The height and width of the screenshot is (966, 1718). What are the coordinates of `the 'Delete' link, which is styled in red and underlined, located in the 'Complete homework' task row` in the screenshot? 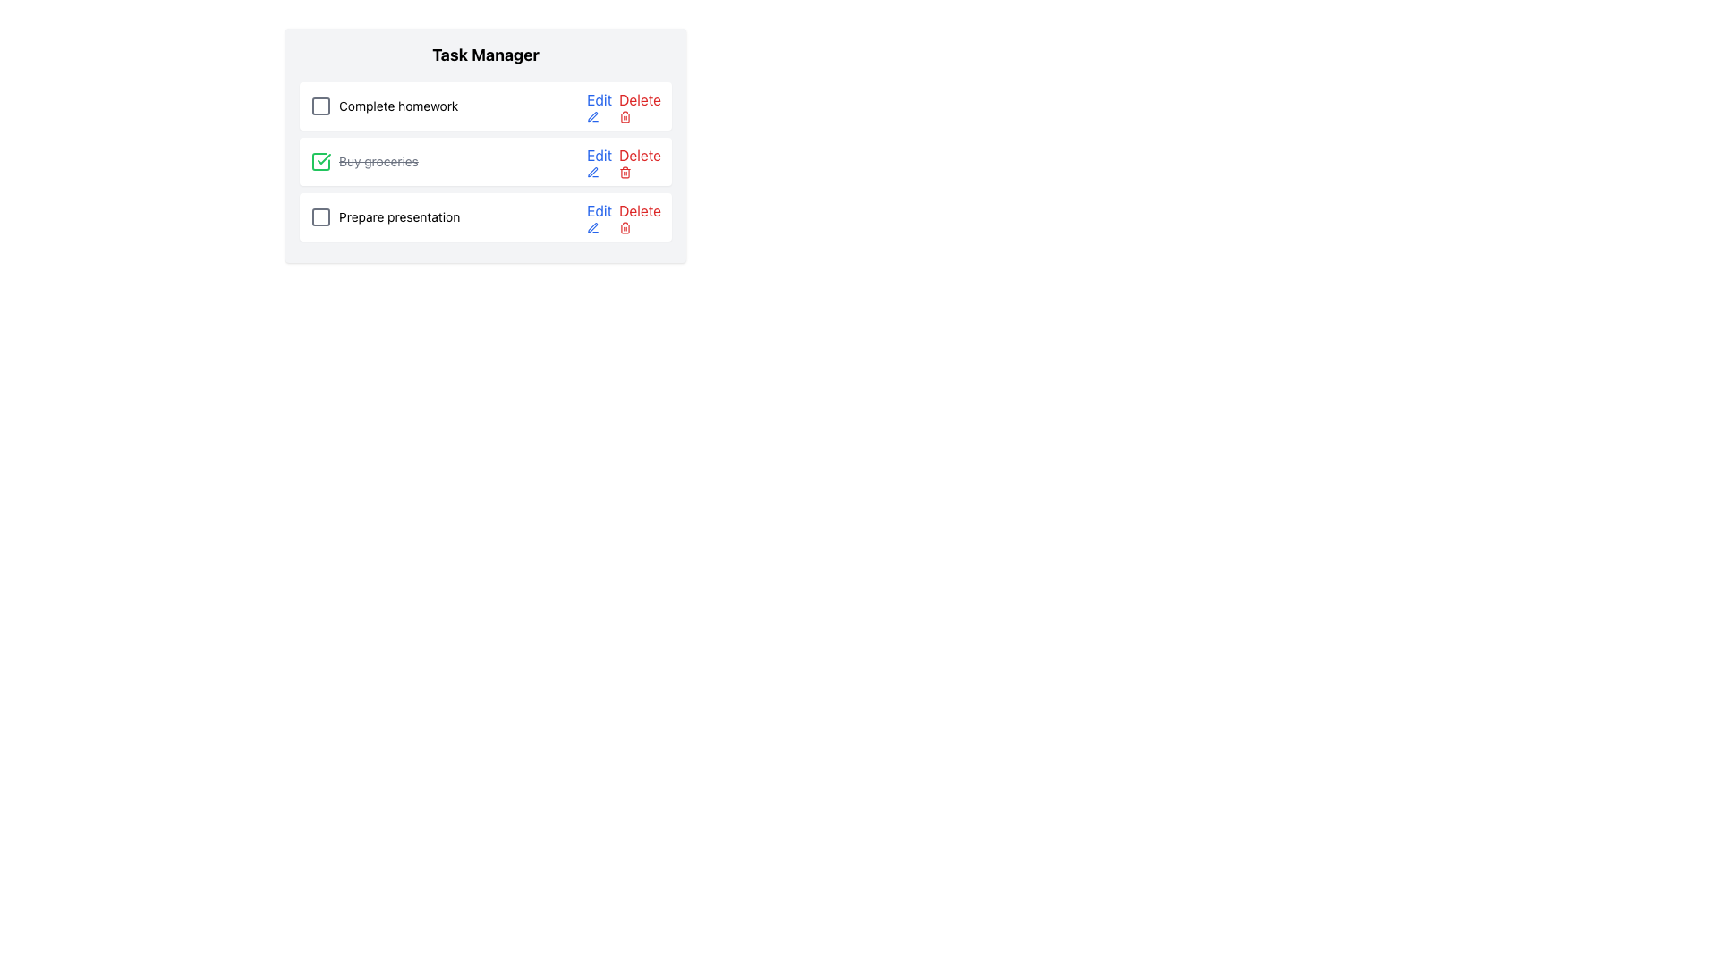 It's located at (624, 106).